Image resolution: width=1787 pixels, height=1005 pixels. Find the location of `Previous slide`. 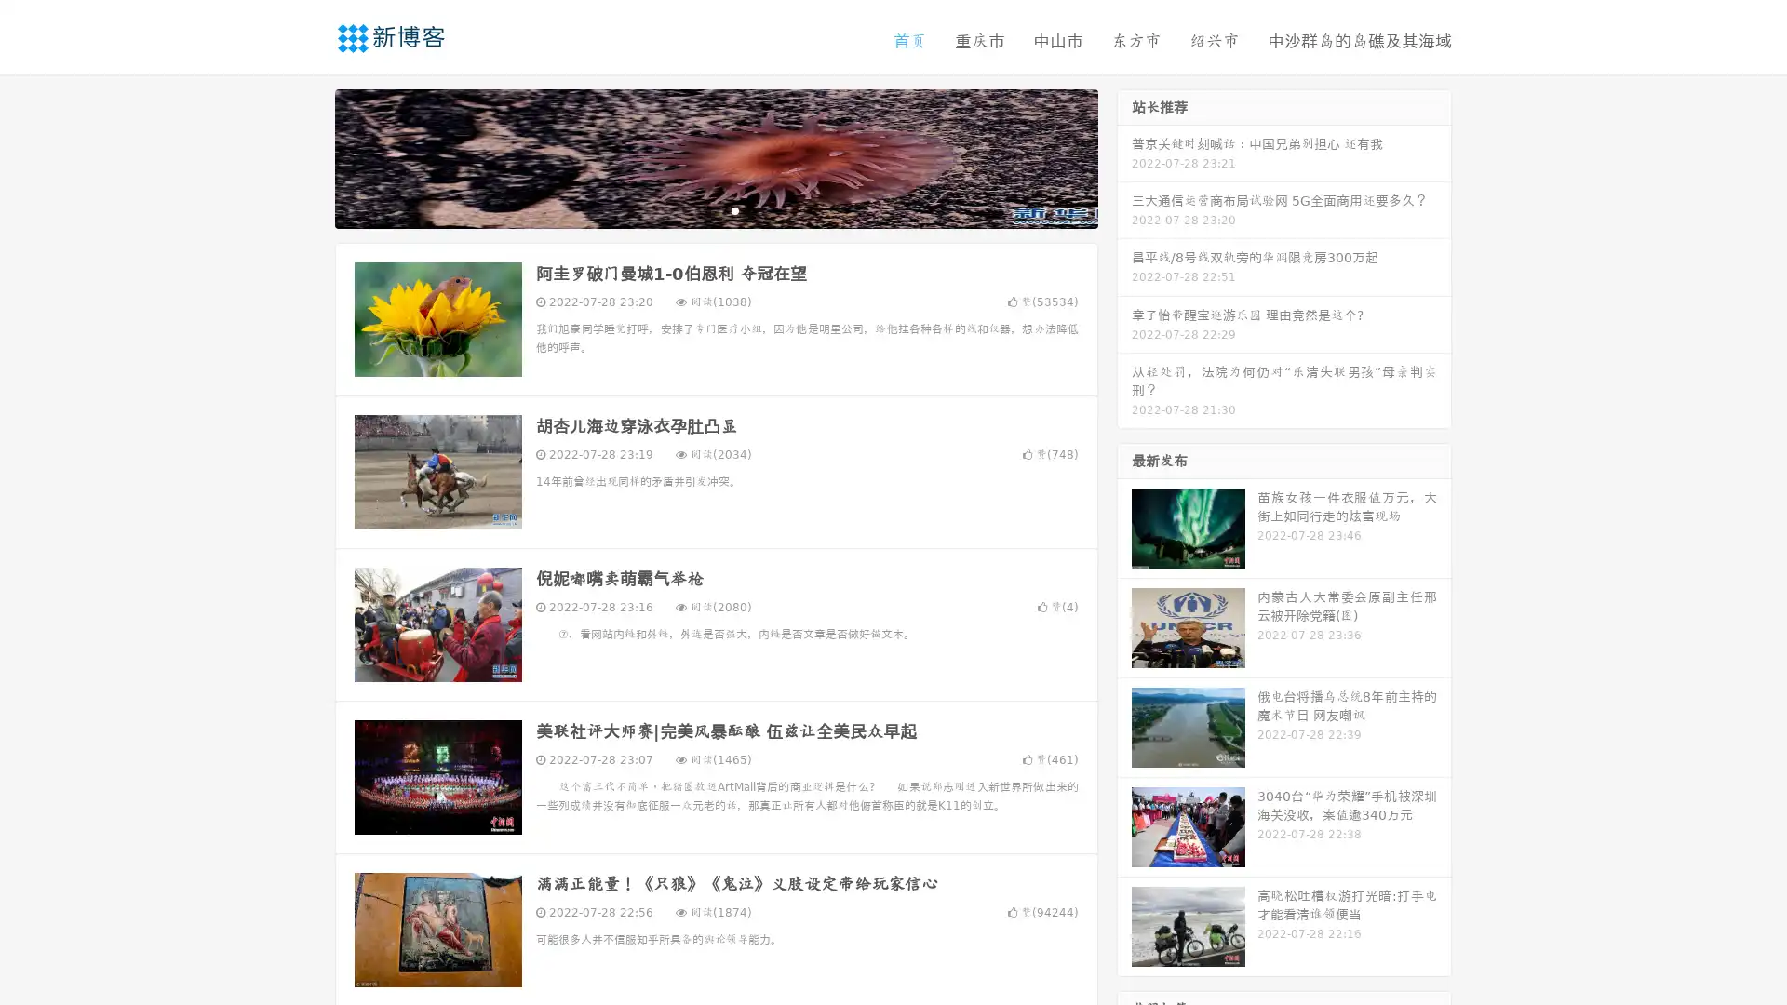

Previous slide is located at coordinates (307, 156).